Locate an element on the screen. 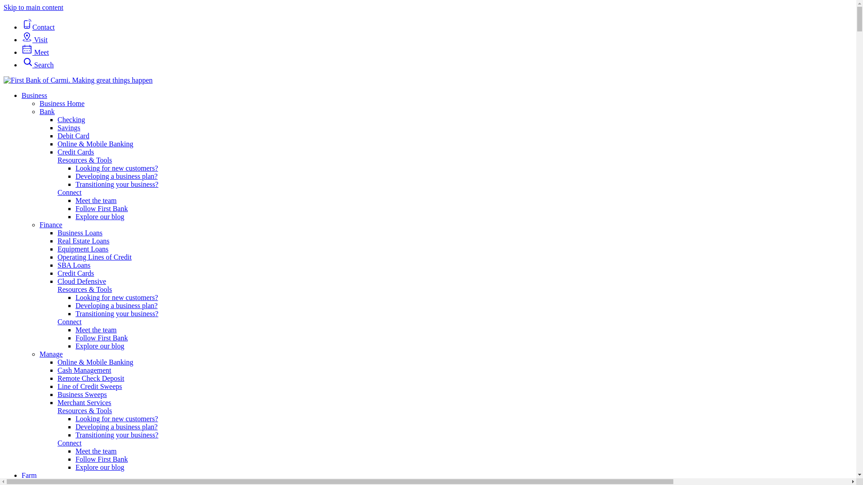 This screenshot has height=485, width=863. 'Transitioning your business?' is located at coordinates (116, 434).